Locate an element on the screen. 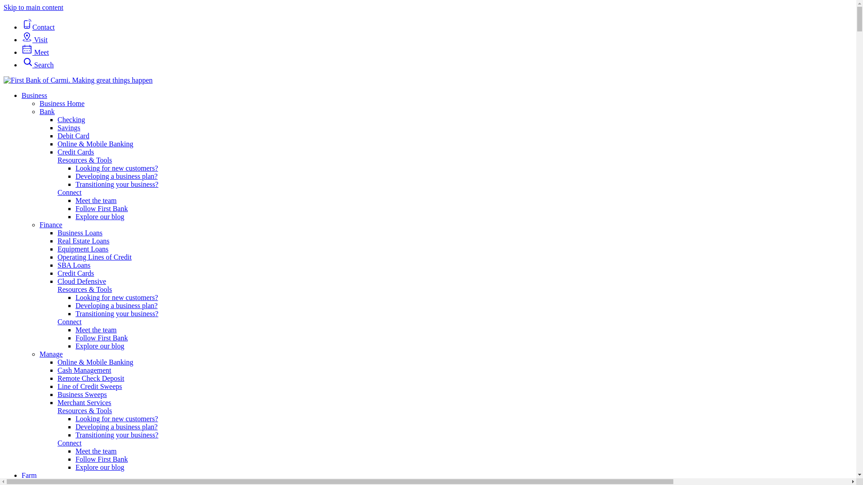 This screenshot has height=485, width=863. 'Transitioning your business?' is located at coordinates (116, 434).